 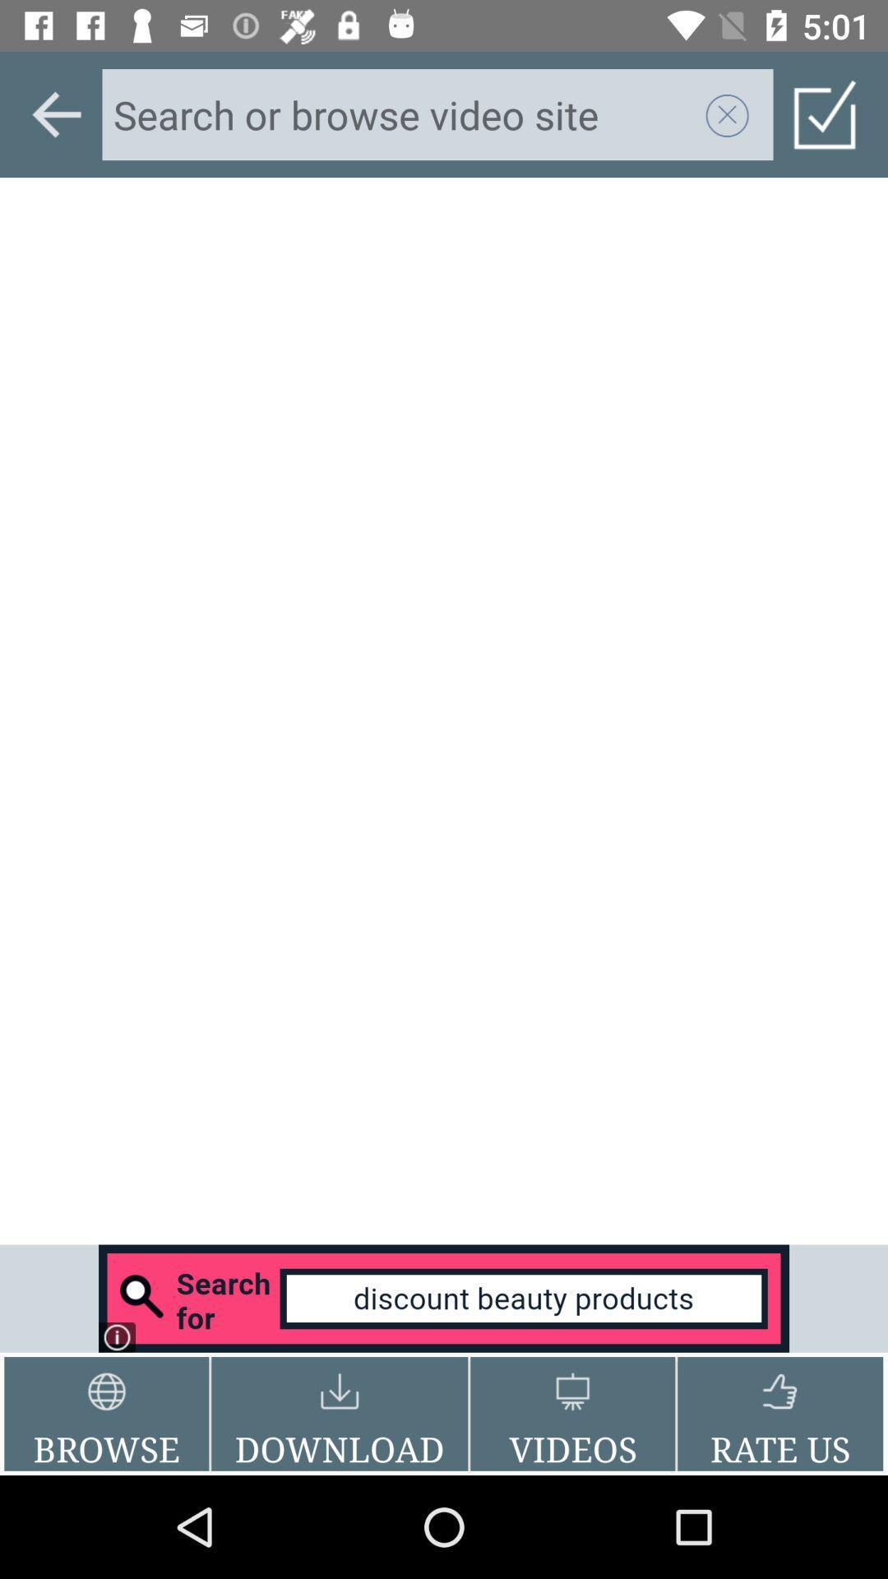 What do you see at coordinates (444, 711) in the screenshot?
I see `icon at the center` at bounding box center [444, 711].